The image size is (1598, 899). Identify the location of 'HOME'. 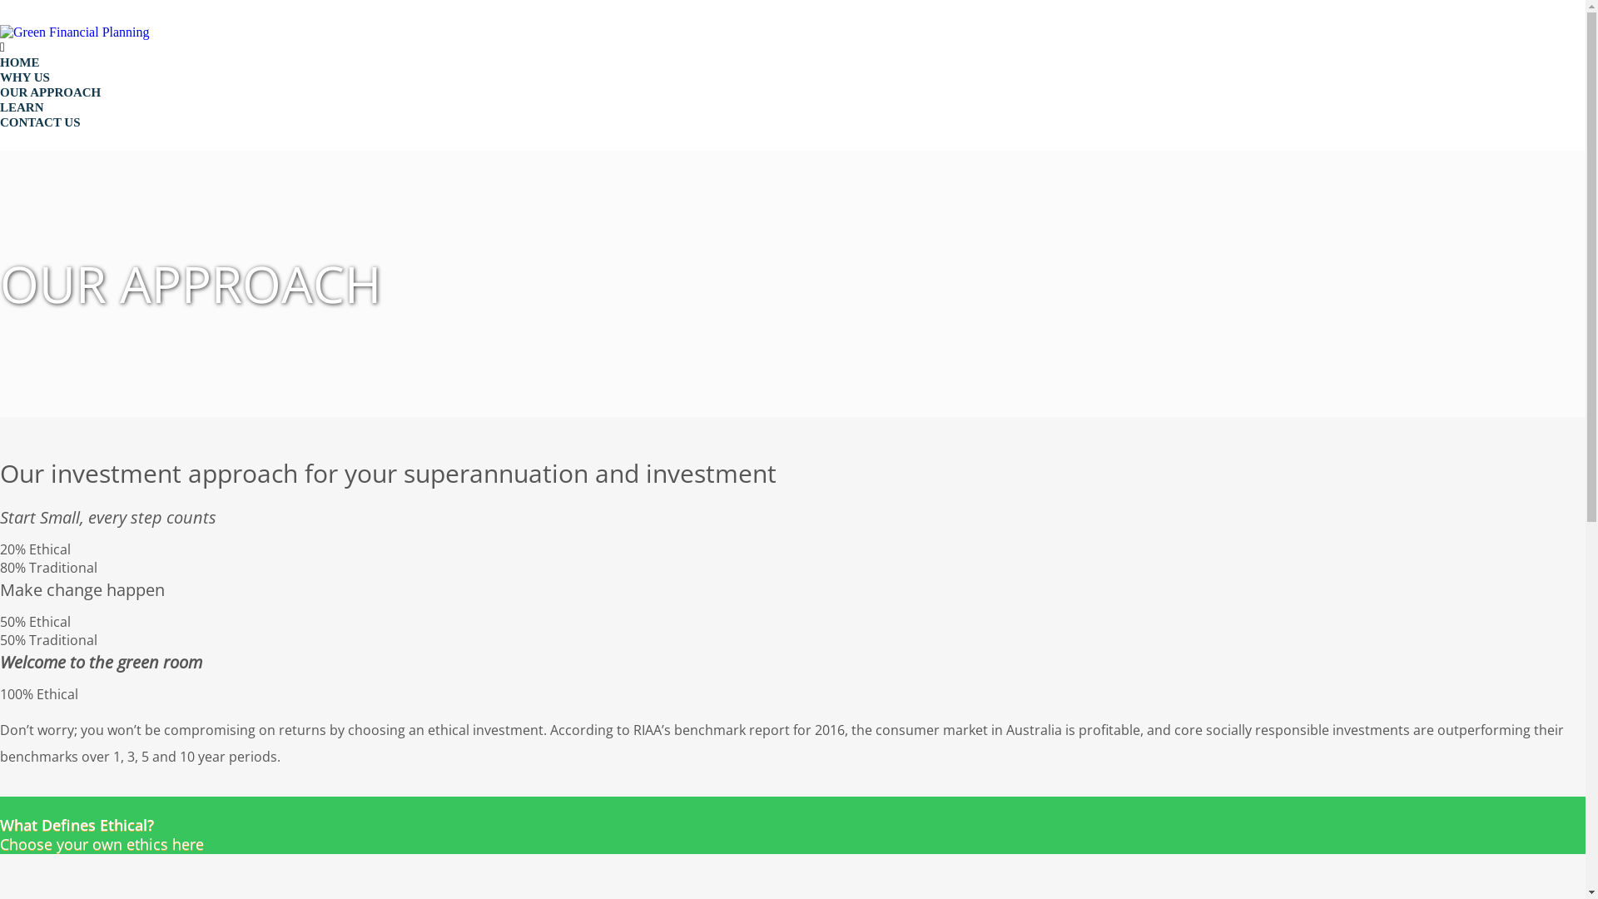
(0, 61).